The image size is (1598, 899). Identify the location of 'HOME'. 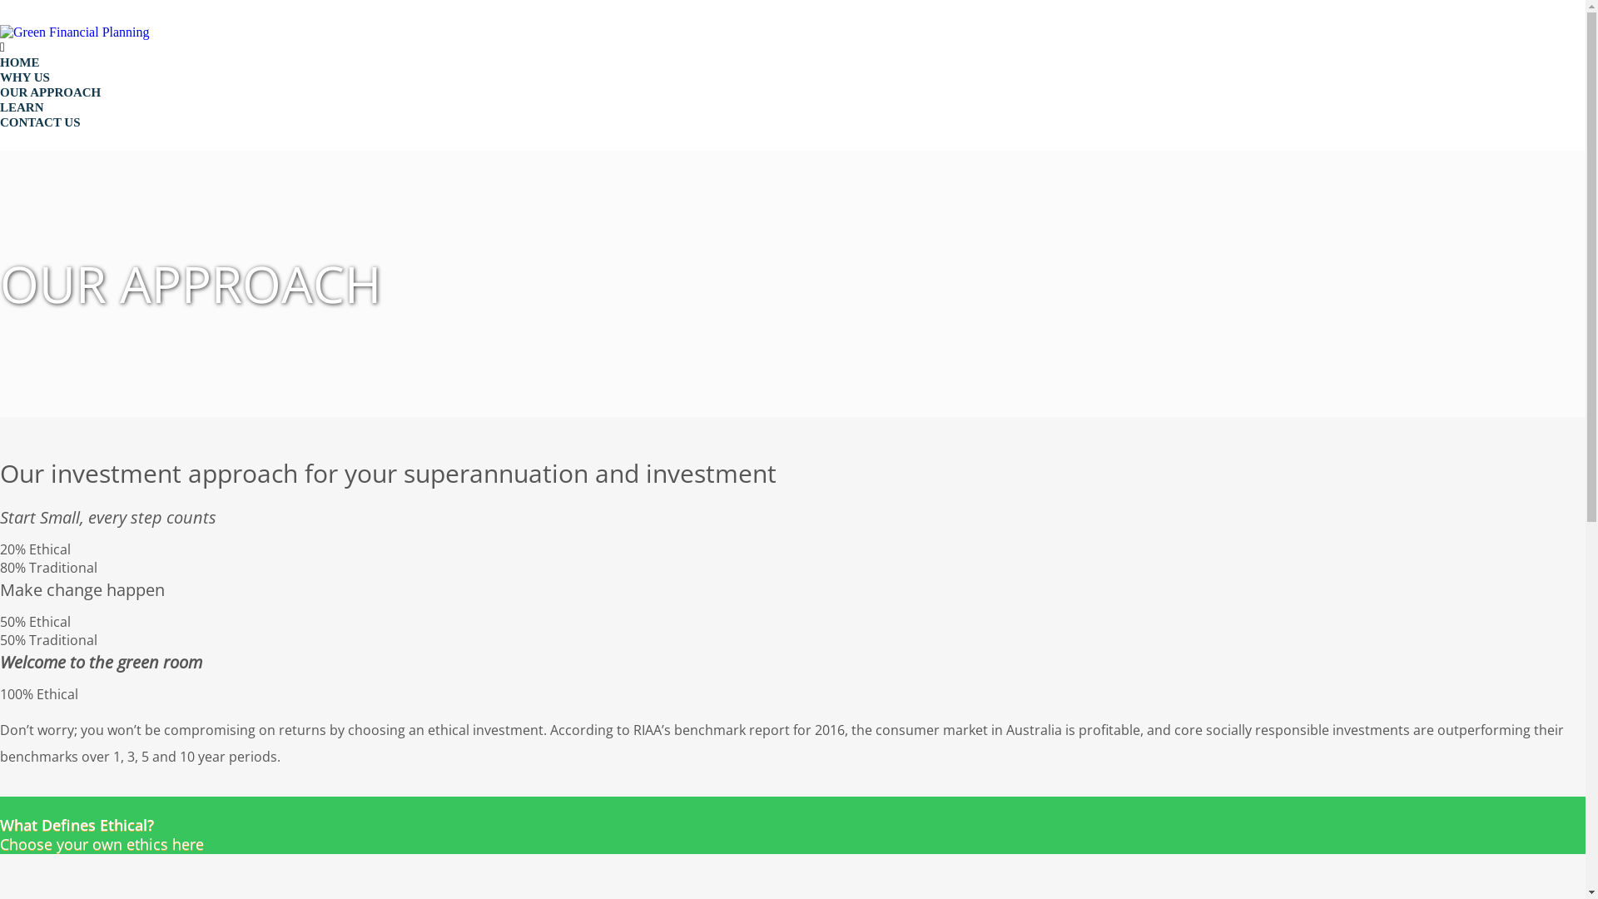
(0, 61).